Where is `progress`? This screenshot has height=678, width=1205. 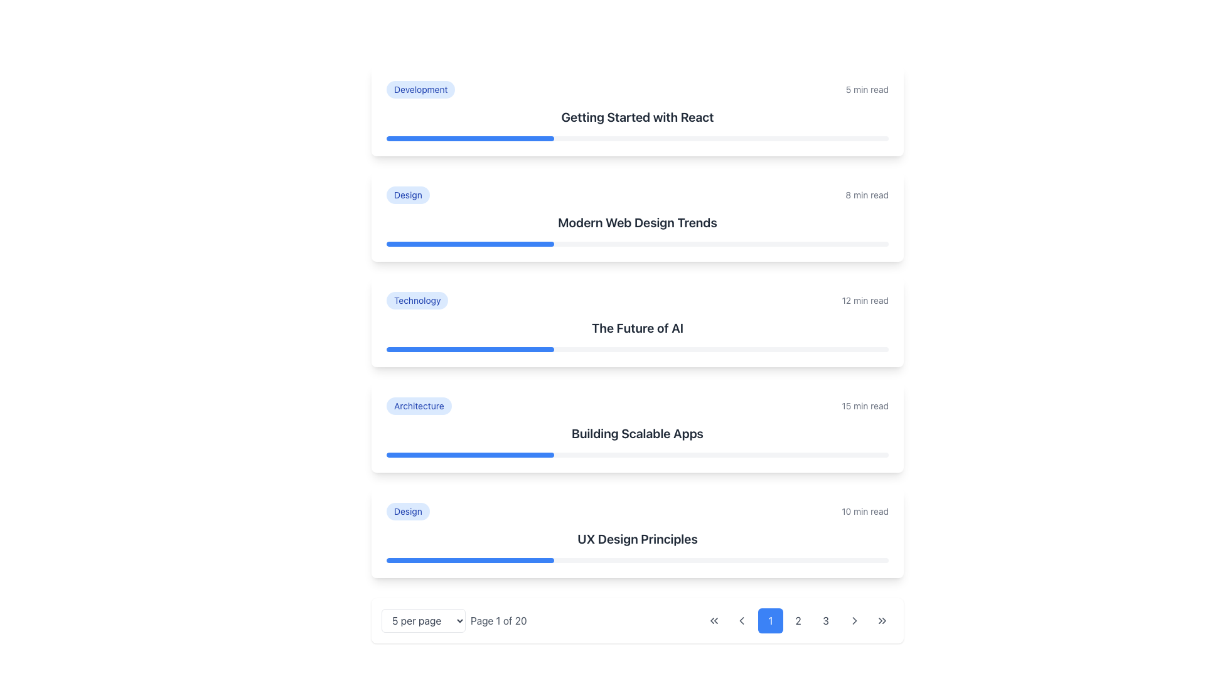
progress is located at coordinates (738, 244).